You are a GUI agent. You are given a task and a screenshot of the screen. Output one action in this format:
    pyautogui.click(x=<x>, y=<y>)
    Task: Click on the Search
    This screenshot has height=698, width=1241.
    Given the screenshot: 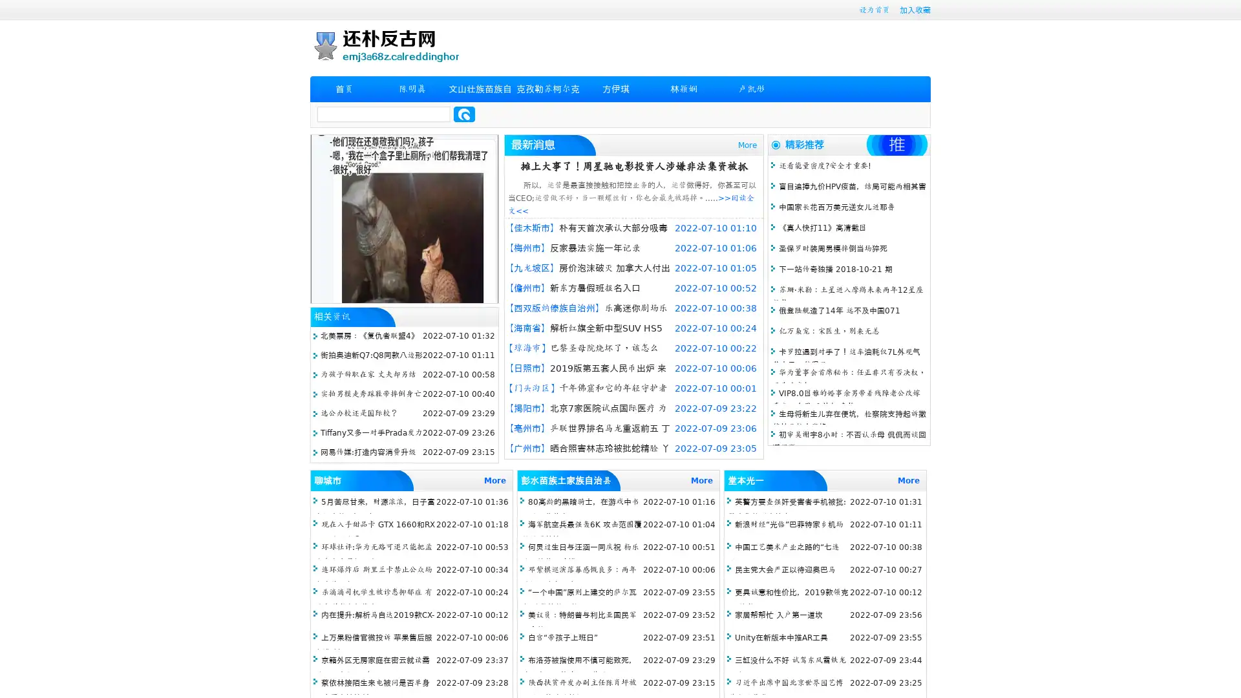 What is the action you would take?
    pyautogui.click(x=464, y=114)
    